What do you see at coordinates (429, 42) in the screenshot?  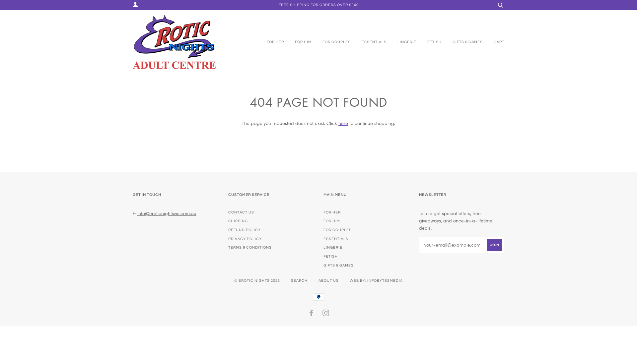 I see `'FETISH'` at bounding box center [429, 42].